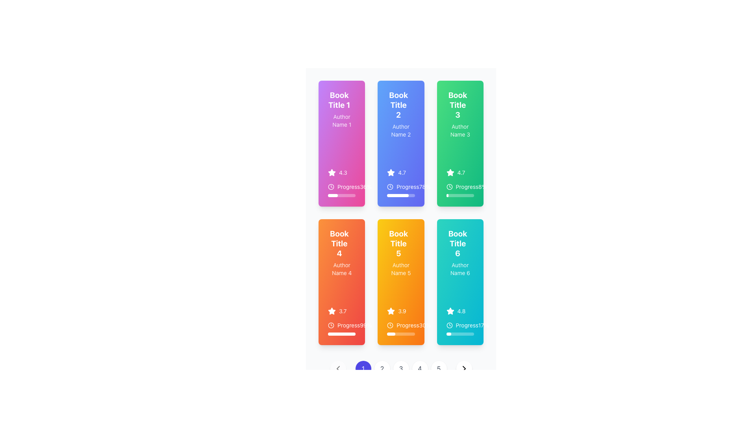  Describe the element at coordinates (401, 322) in the screenshot. I see `information displayed in the Information display component located in the card for 'Book Title 5' in the second row and second column of the grid layout, which includes a rating score, a progress indicator, and related symbols` at that location.